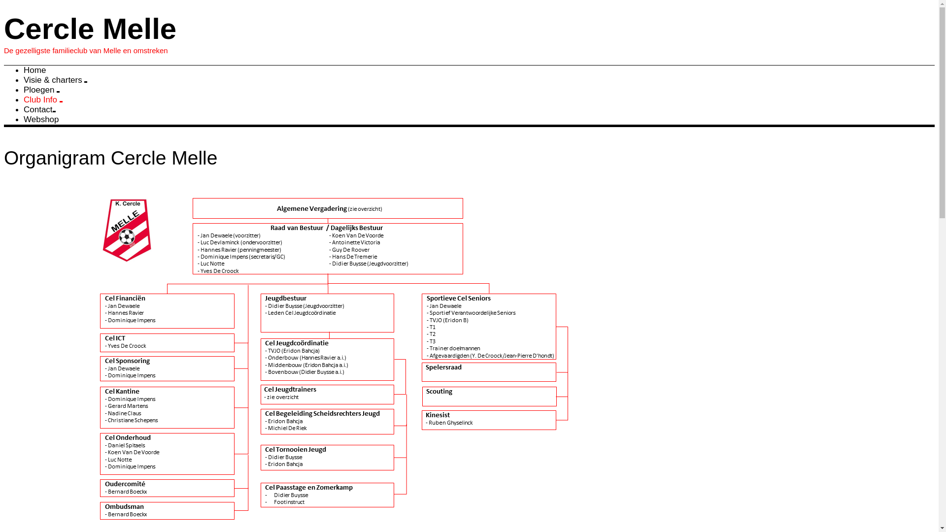 This screenshot has width=946, height=532. What do you see at coordinates (41, 90) in the screenshot?
I see `'Ploegen'` at bounding box center [41, 90].